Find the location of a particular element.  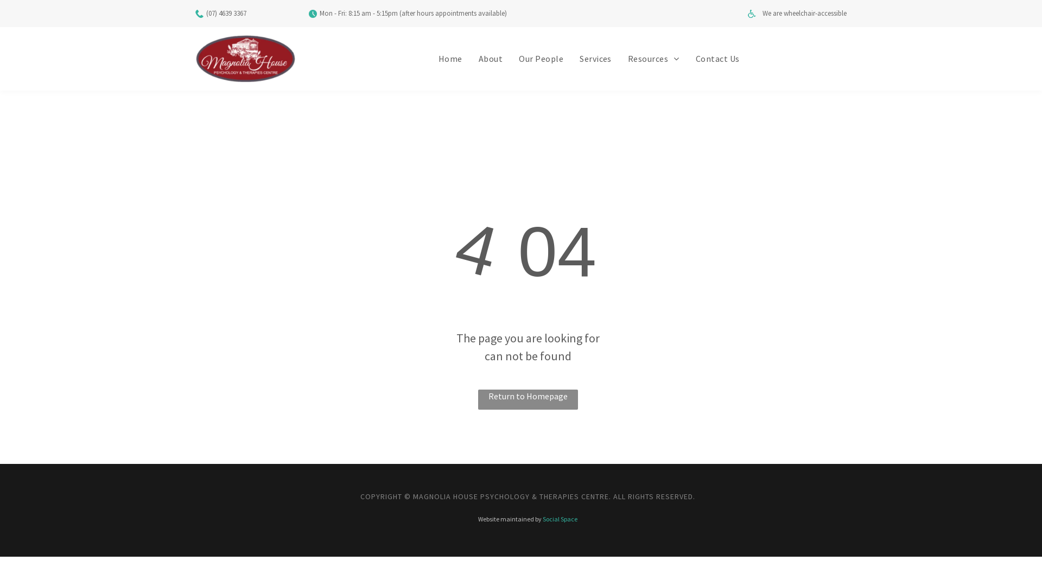

'About' is located at coordinates (490, 59).